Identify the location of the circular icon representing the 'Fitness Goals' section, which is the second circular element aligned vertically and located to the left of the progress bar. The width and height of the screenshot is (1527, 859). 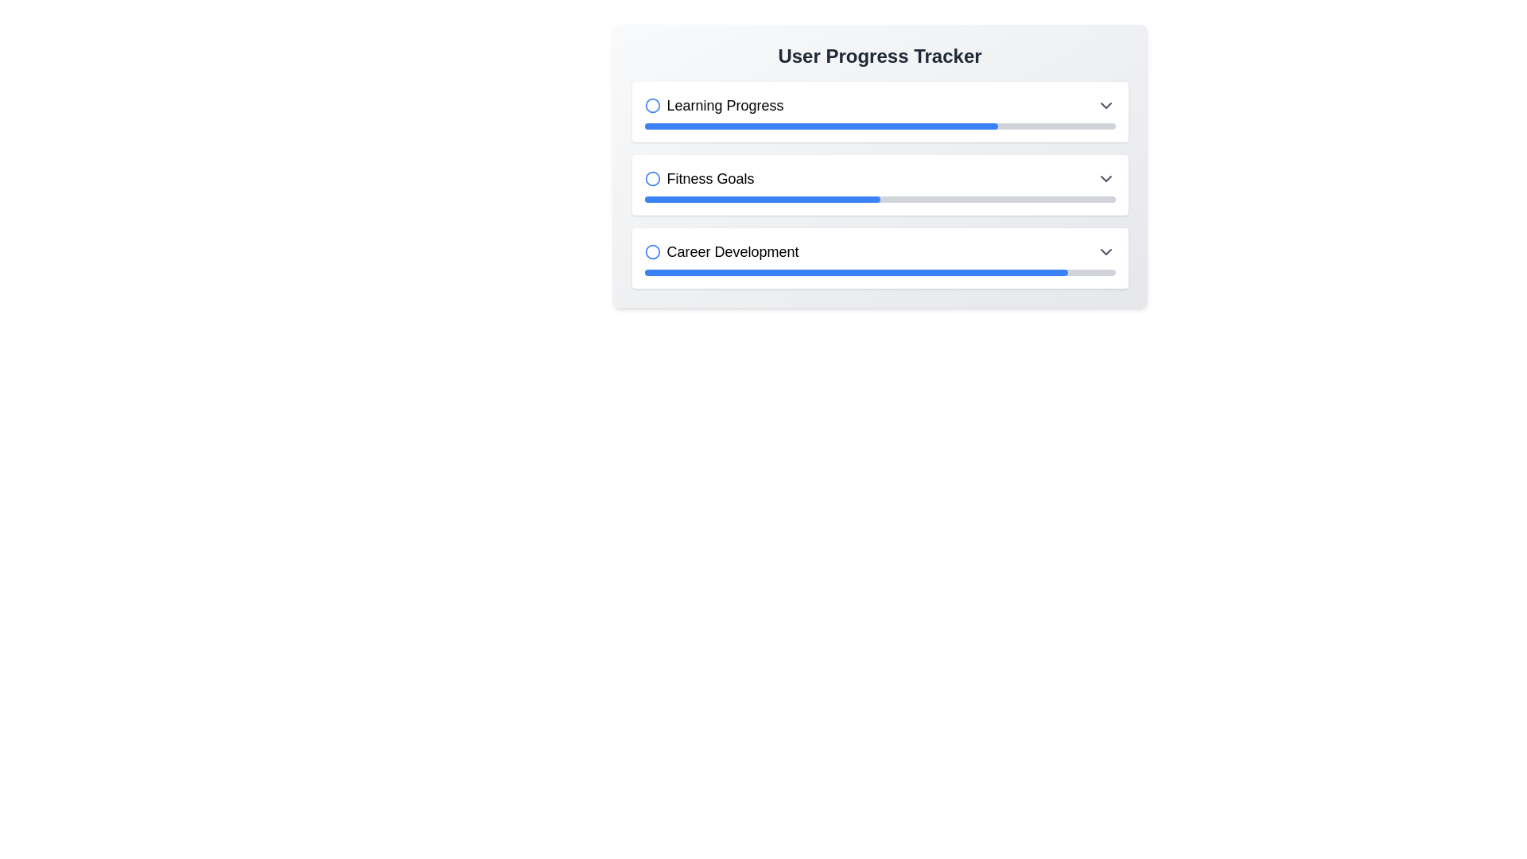
(652, 178).